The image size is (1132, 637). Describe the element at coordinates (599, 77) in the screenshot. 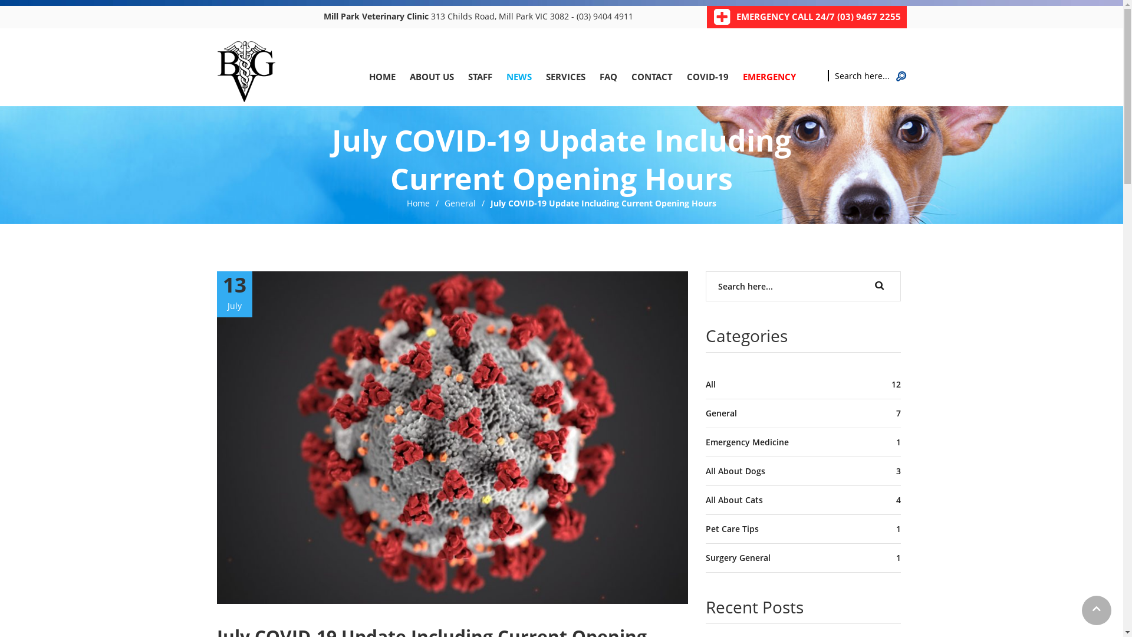

I see `'FAQ'` at that location.